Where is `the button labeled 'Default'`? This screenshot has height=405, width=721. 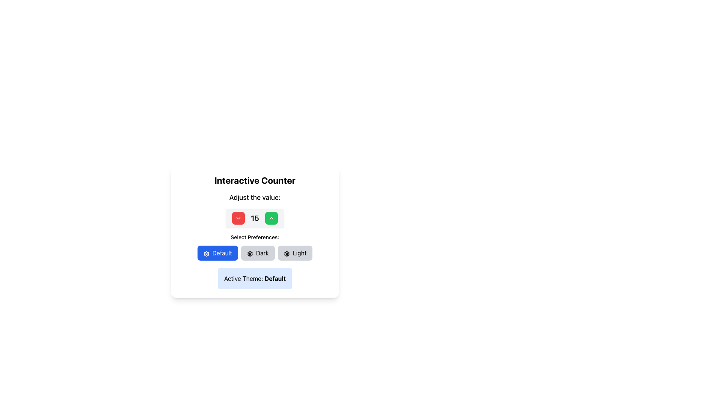
the button labeled 'Default' is located at coordinates (217, 253).